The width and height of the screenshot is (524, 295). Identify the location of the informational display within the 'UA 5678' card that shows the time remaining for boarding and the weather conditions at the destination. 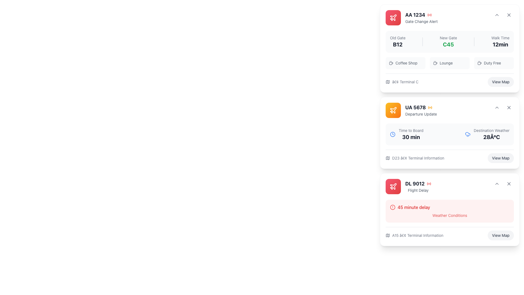
(449, 143).